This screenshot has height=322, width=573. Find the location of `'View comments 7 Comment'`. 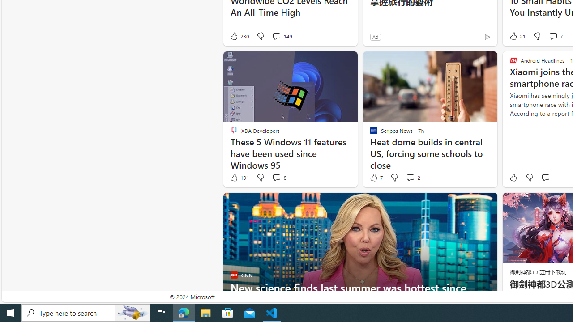

'View comments 7 Comment' is located at coordinates (555, 36).